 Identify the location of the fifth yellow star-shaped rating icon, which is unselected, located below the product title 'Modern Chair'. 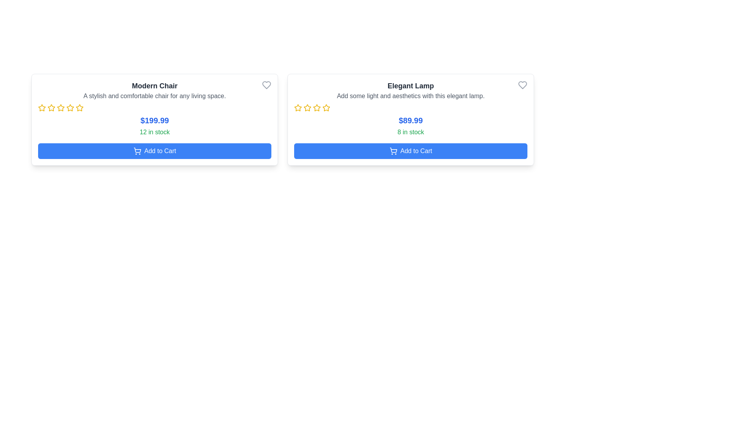
(79, 108).